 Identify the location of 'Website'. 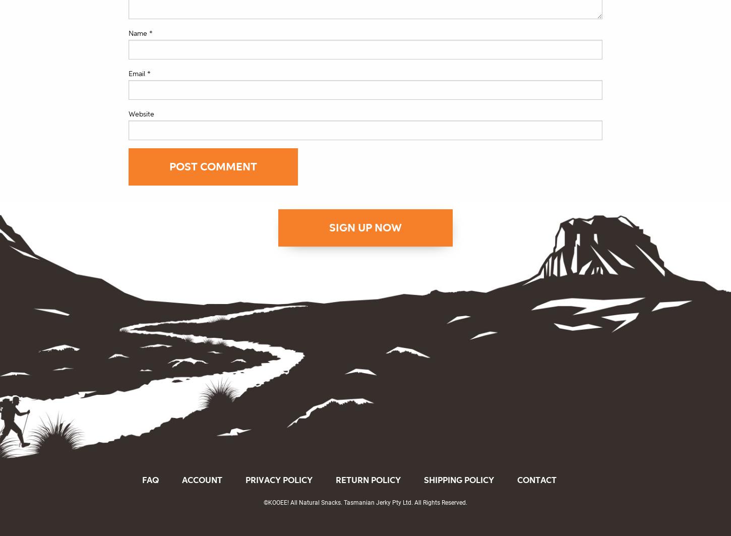
(141, 113).